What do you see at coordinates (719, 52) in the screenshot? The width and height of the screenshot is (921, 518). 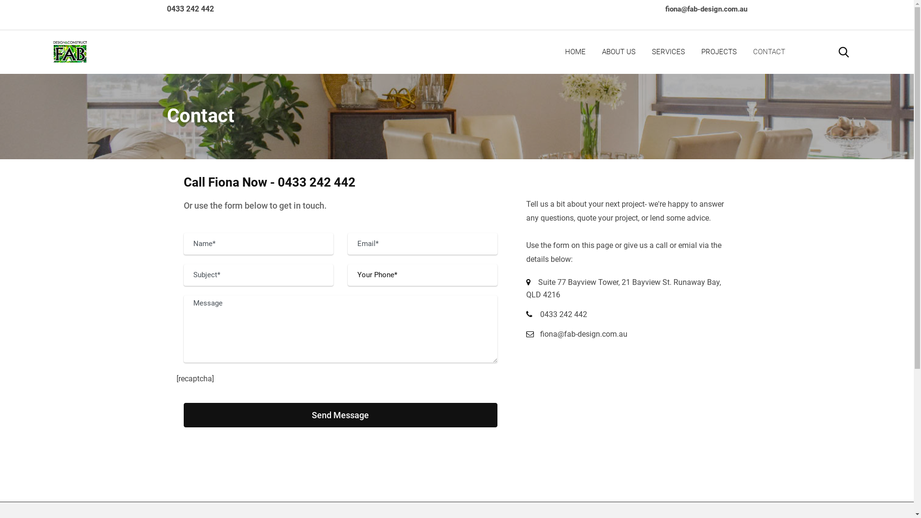 I see `'PROJECTS'` at bounding box center [719, 52].